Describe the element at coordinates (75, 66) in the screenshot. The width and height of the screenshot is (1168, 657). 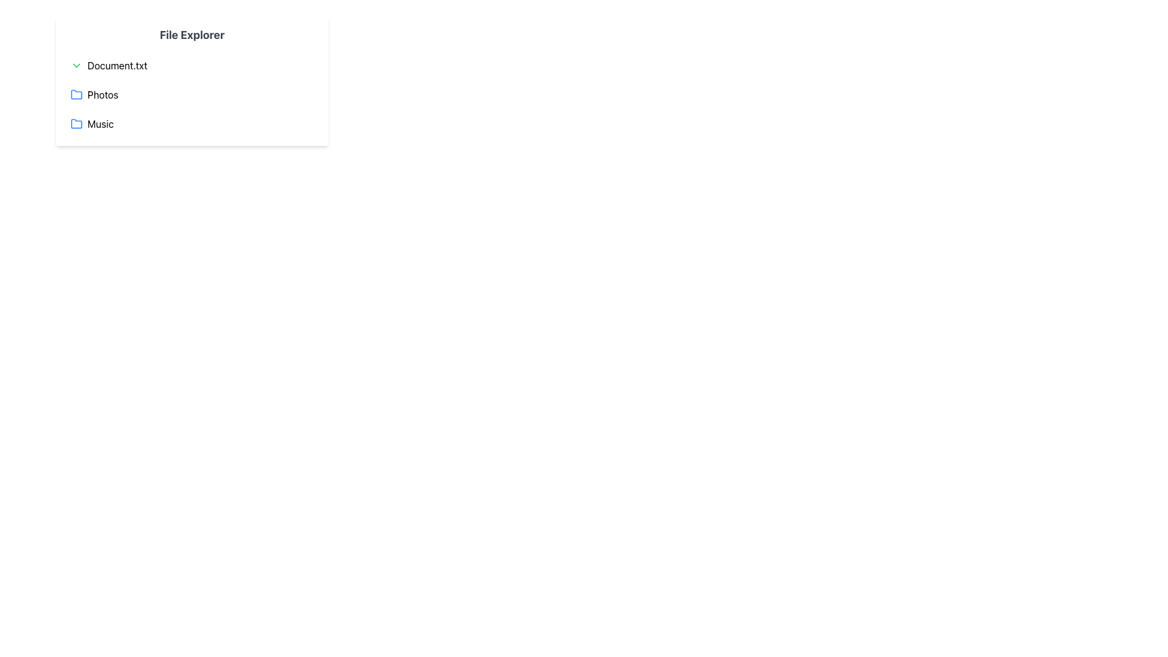
I see `the Chevron Icon located on the left side of 'Document.txt'` at that location.